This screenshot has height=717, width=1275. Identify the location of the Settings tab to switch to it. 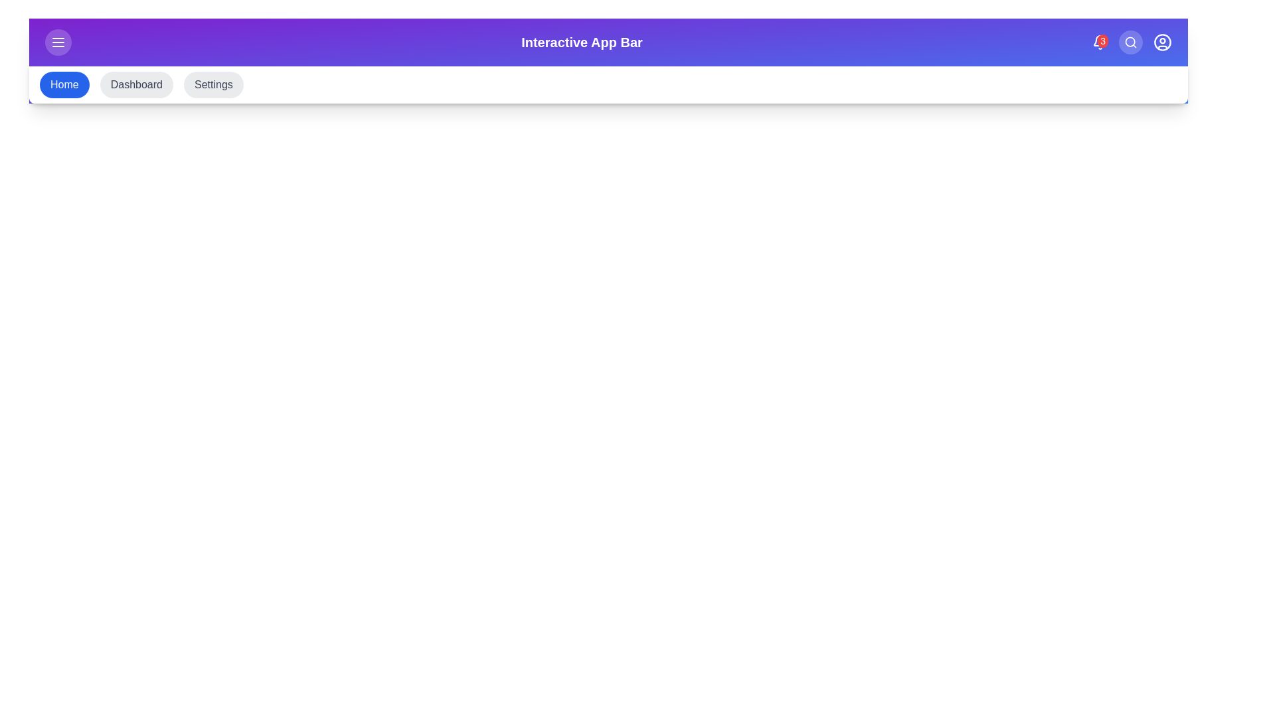
(213, 84).